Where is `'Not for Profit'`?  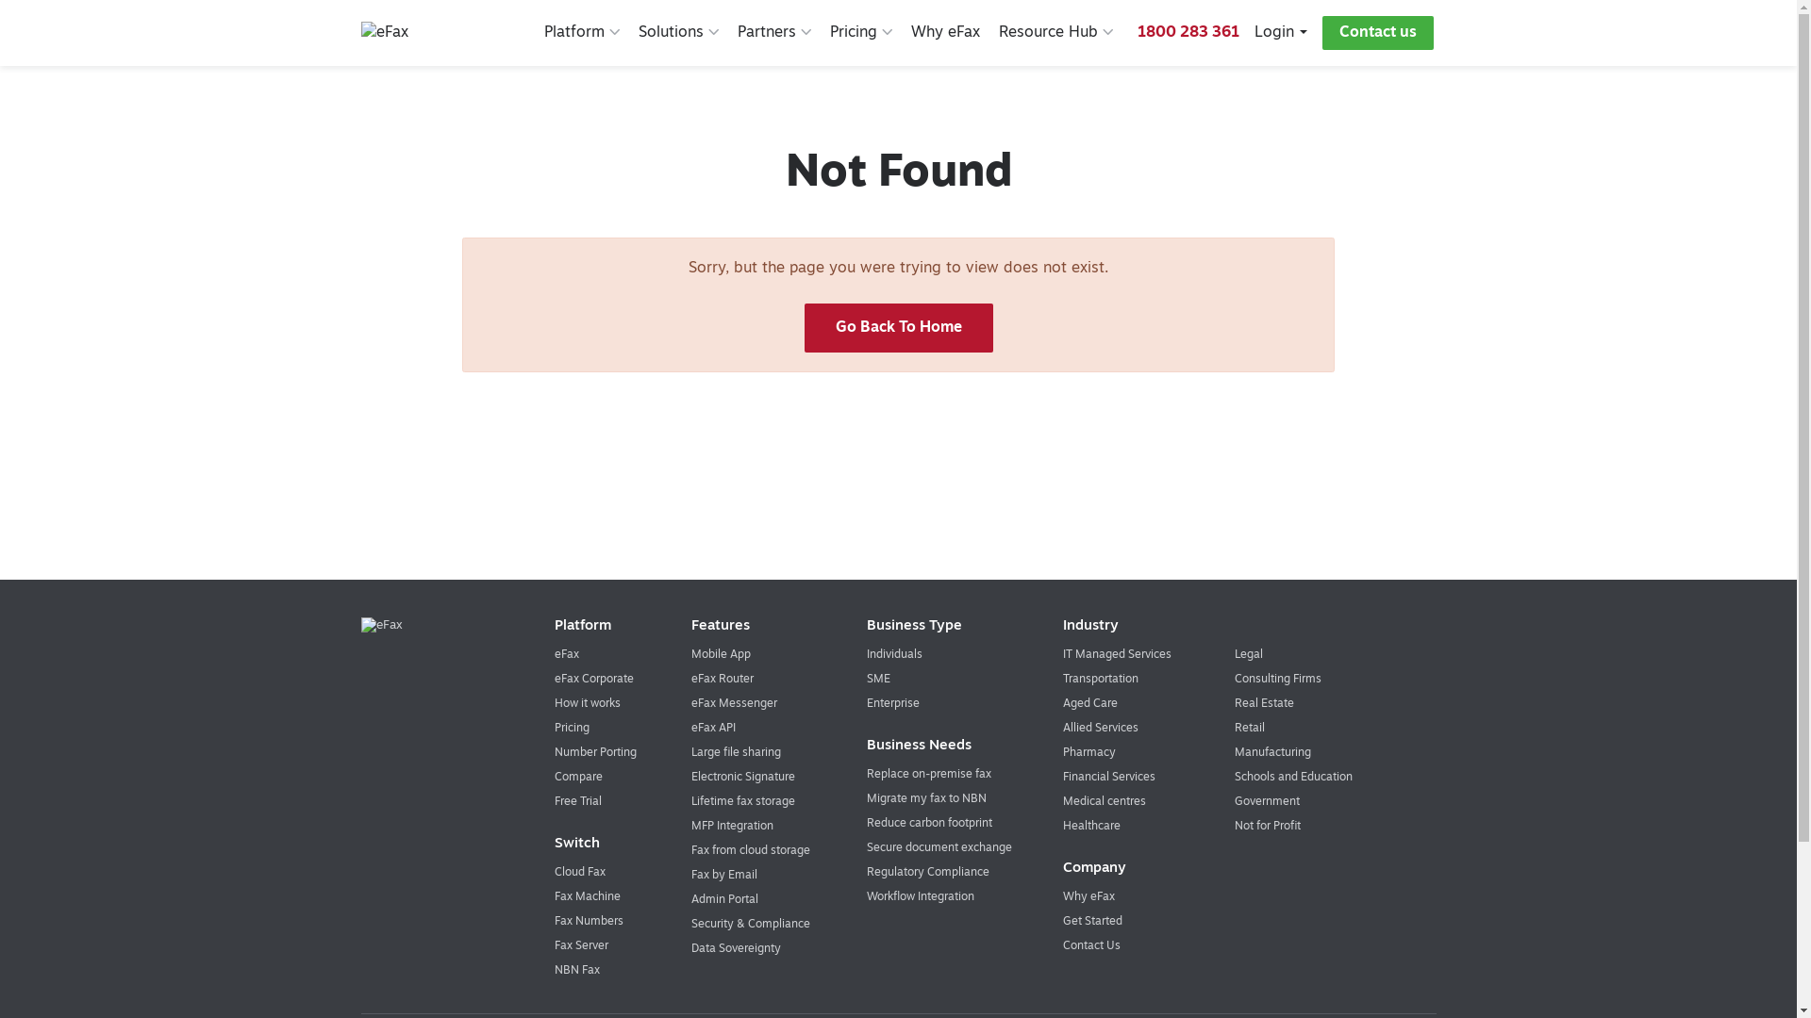 'Not for Profit' is located at coordinates (1268, 825).